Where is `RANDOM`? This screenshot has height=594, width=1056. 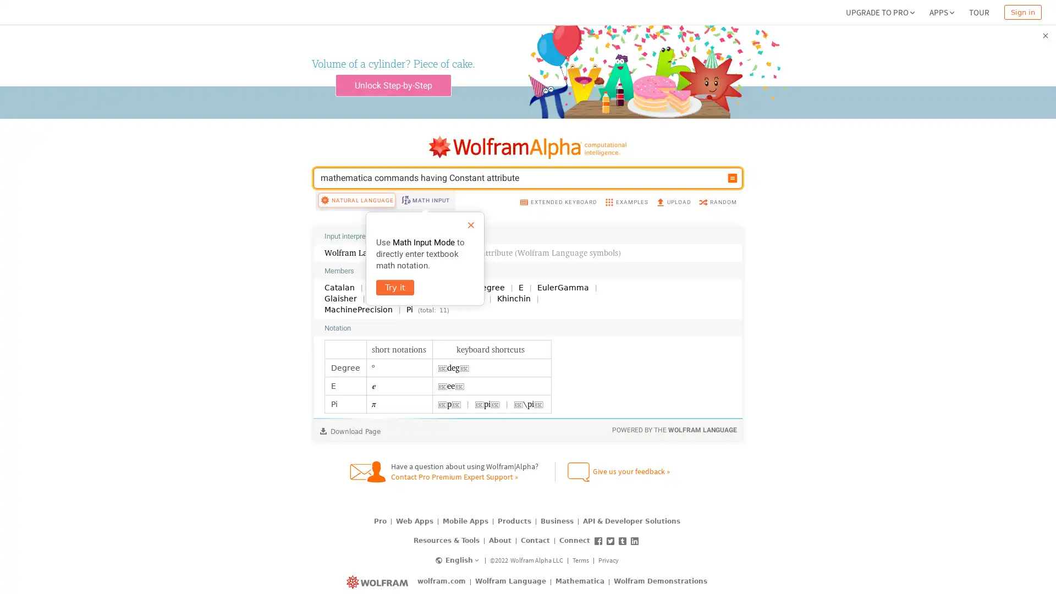 RANDOM is located at coordinates (717, 223).